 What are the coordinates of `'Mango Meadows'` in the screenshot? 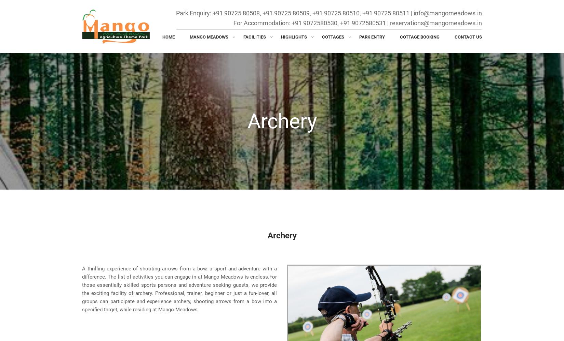 It's located at (209, 36).